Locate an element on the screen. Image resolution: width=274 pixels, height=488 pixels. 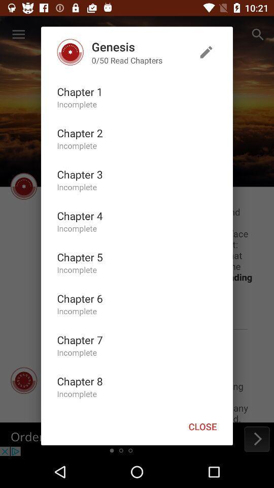
icon below the incomplete is located at coordinates (79, 340).